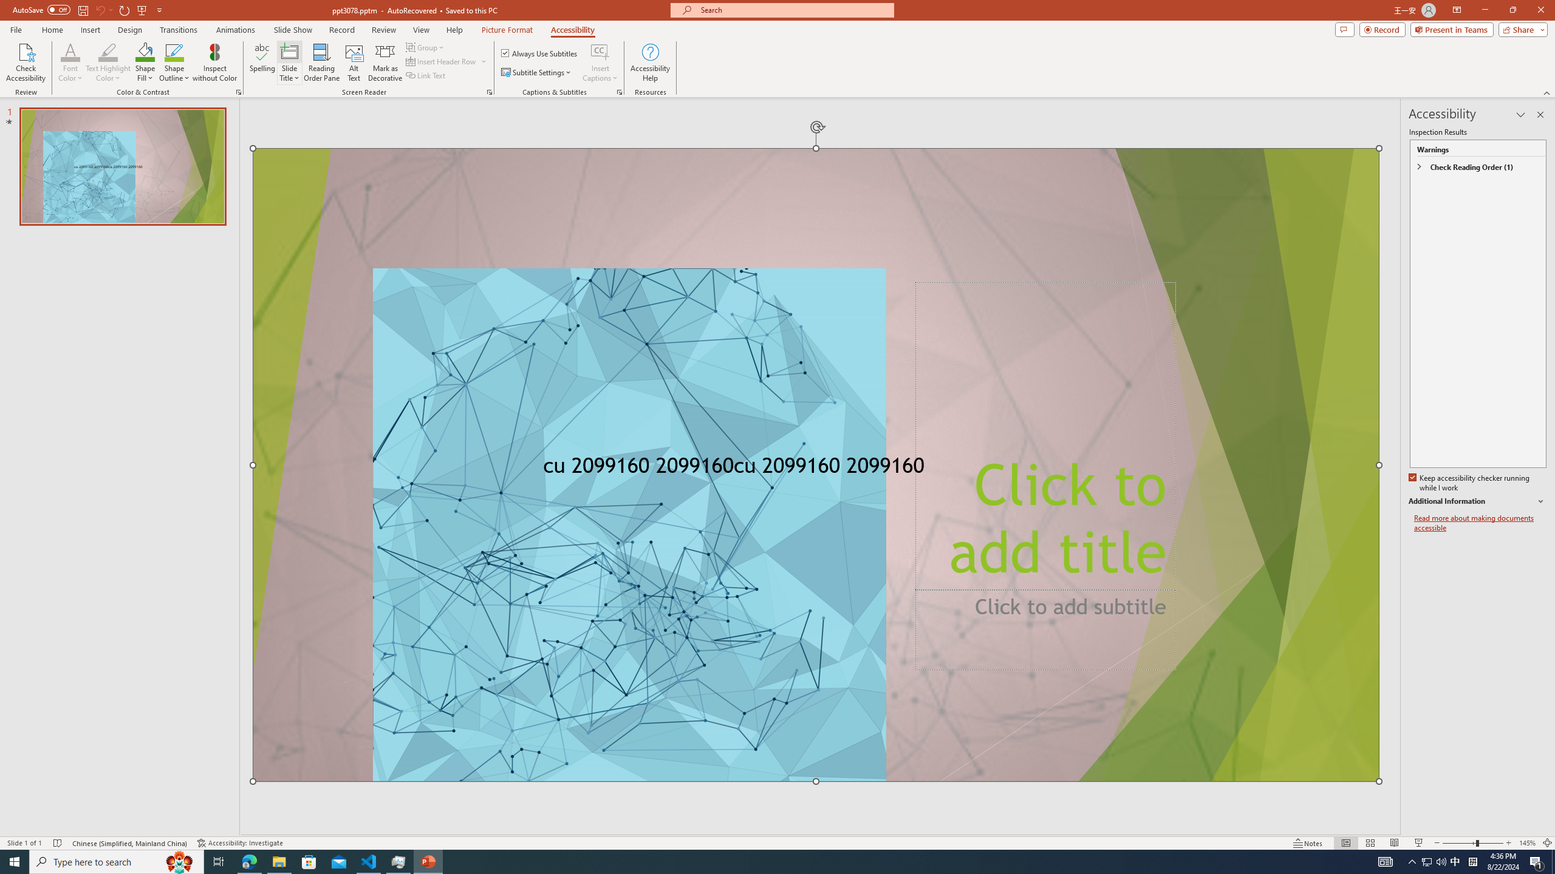  What do you see at coordinates (1528, 843) in the screenshot?
I see `'Zoom 145%'` at bounding box center [1528, 843].